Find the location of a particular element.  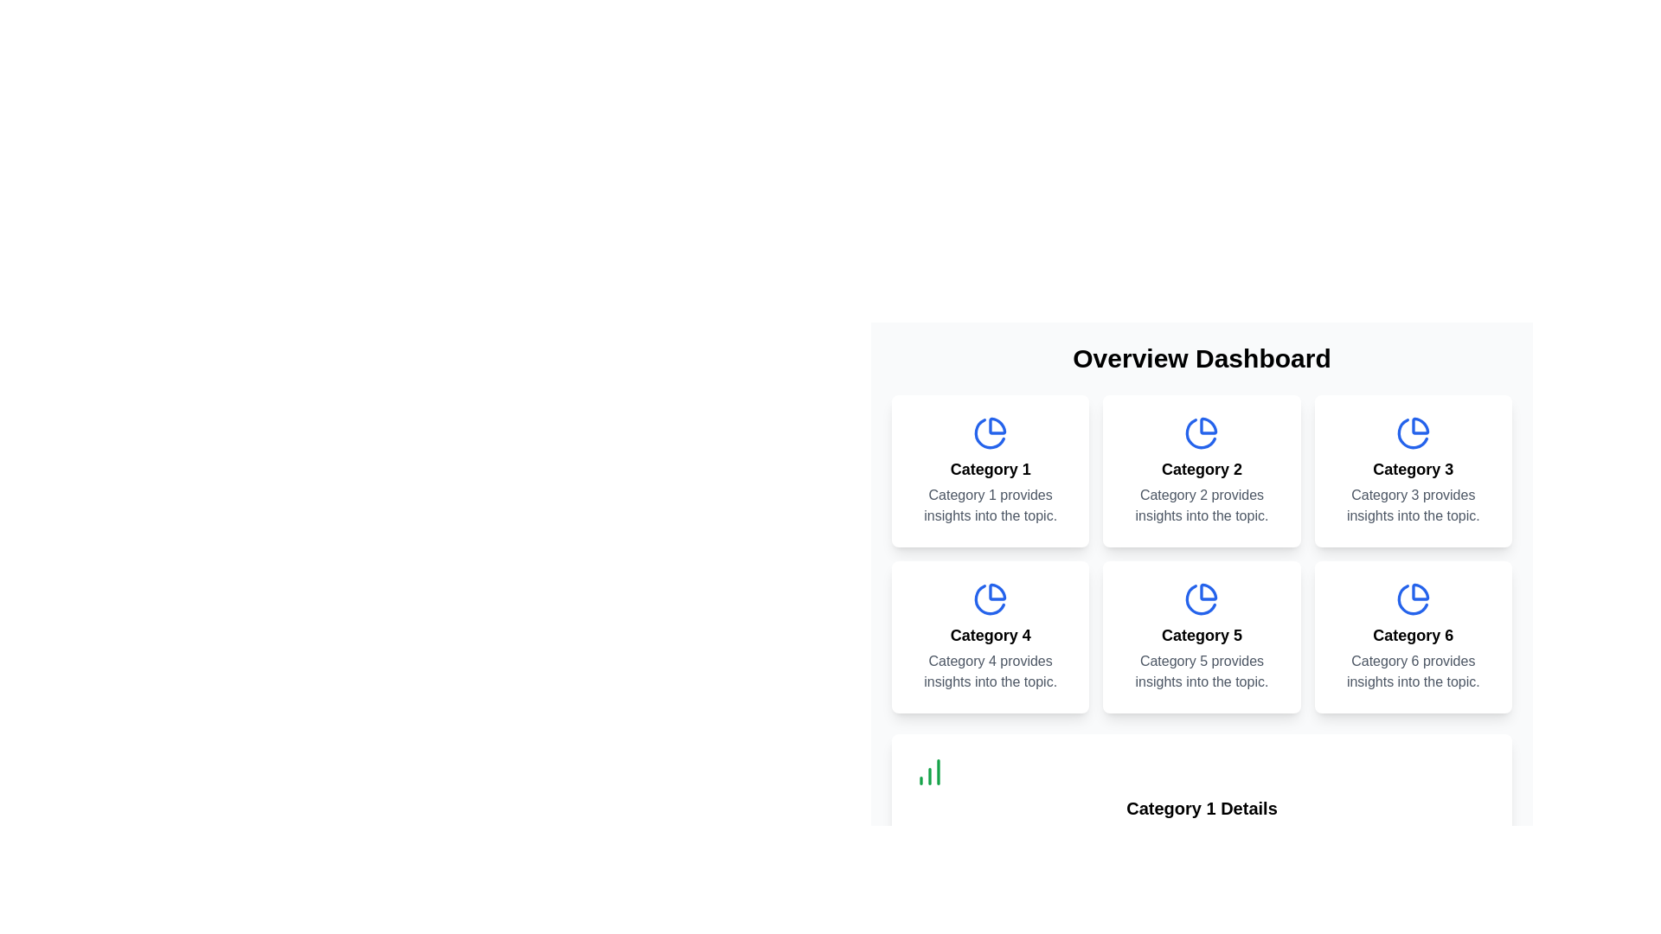

text block providing a brief description for 'Category 2', located directly below the heading within the square card in the middle of the second row of the dashboard layout is located at coordinates (1201, 506).